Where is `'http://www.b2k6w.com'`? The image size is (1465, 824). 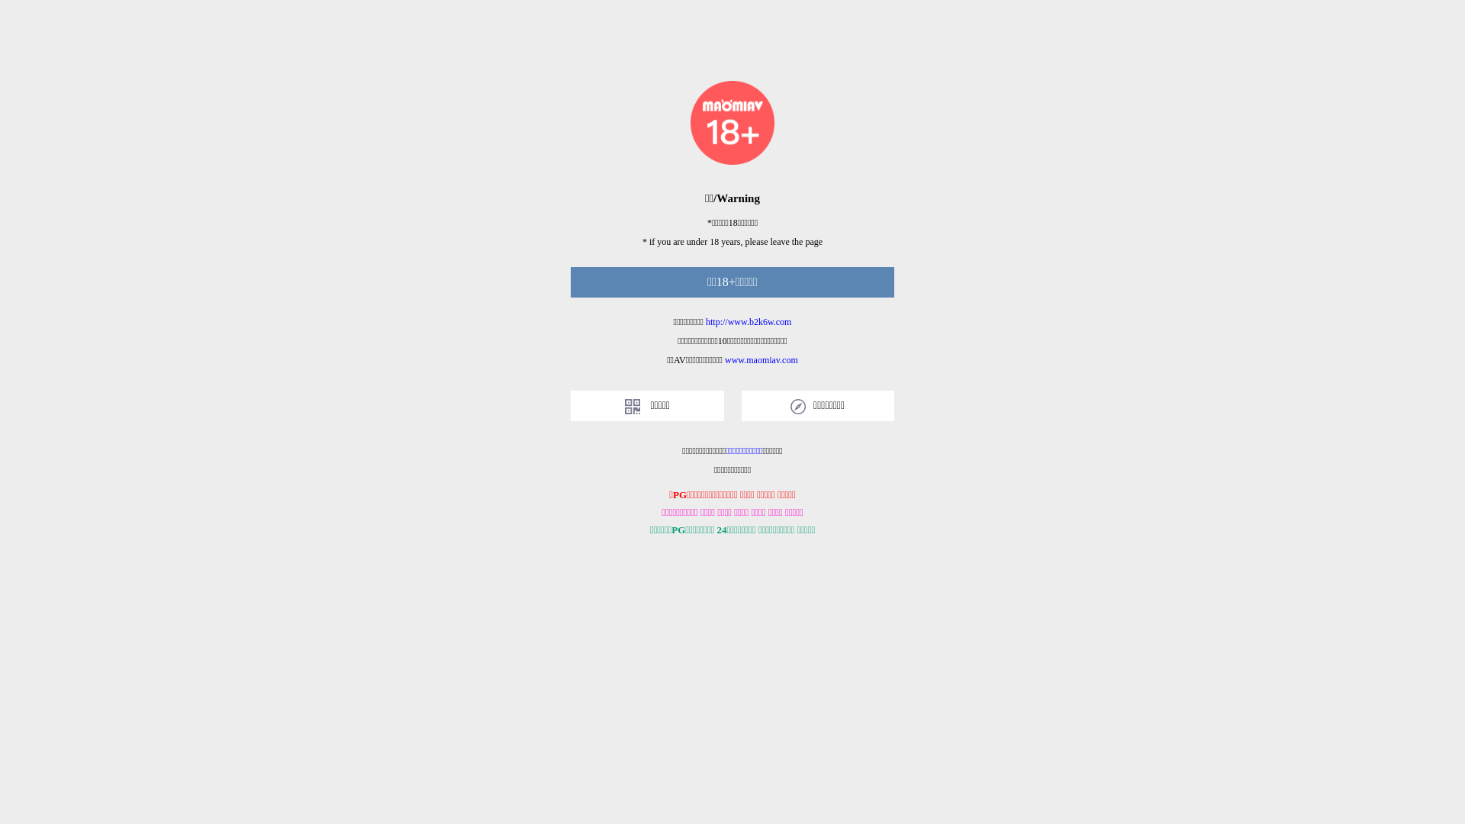 'http://www.b2k6w.com' is located at coordinates (748, 320).